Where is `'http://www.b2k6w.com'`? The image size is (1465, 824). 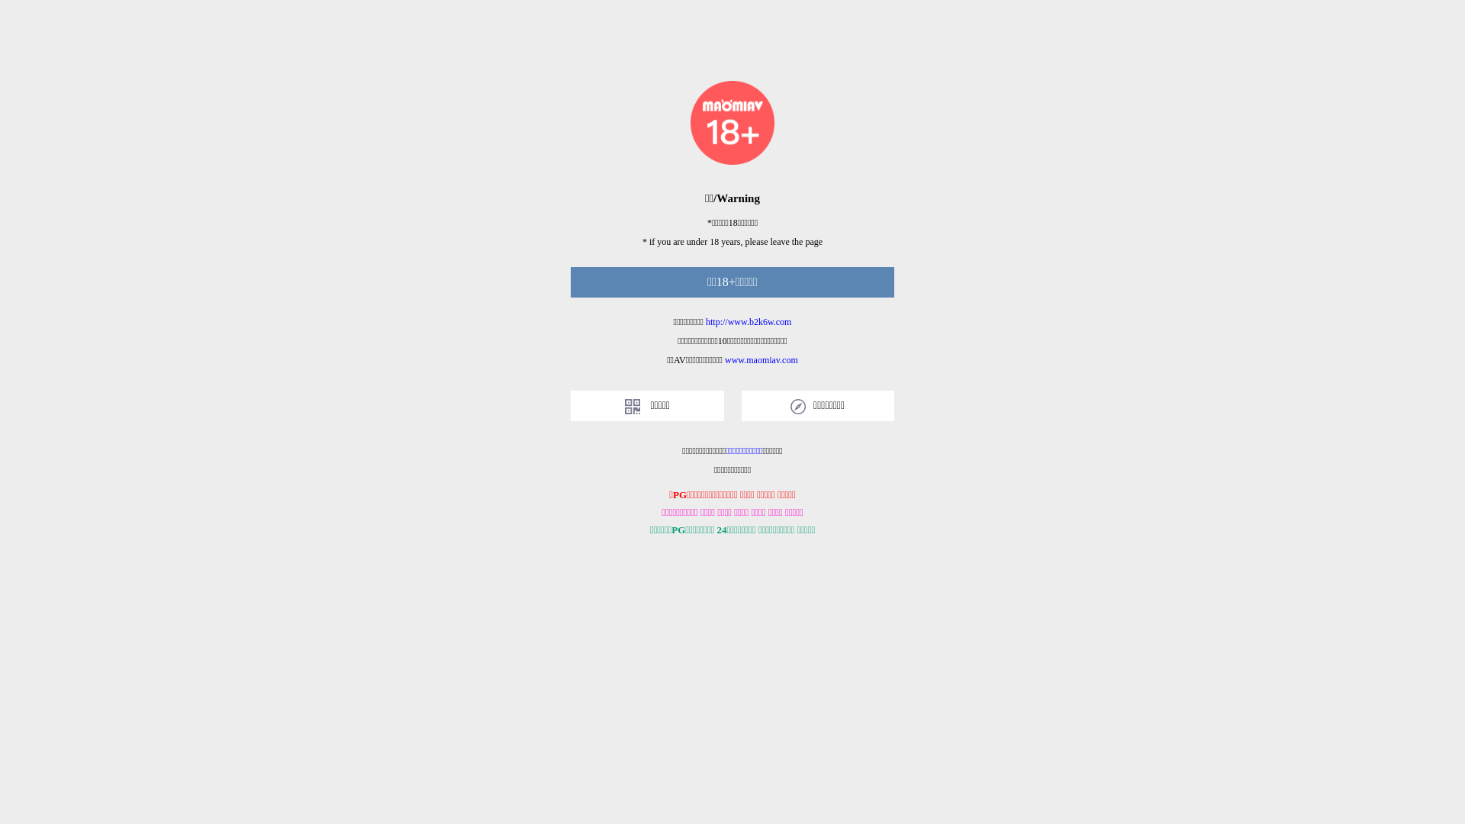 'http://www.b2k6w.com' is located at coordinates (748, 320).